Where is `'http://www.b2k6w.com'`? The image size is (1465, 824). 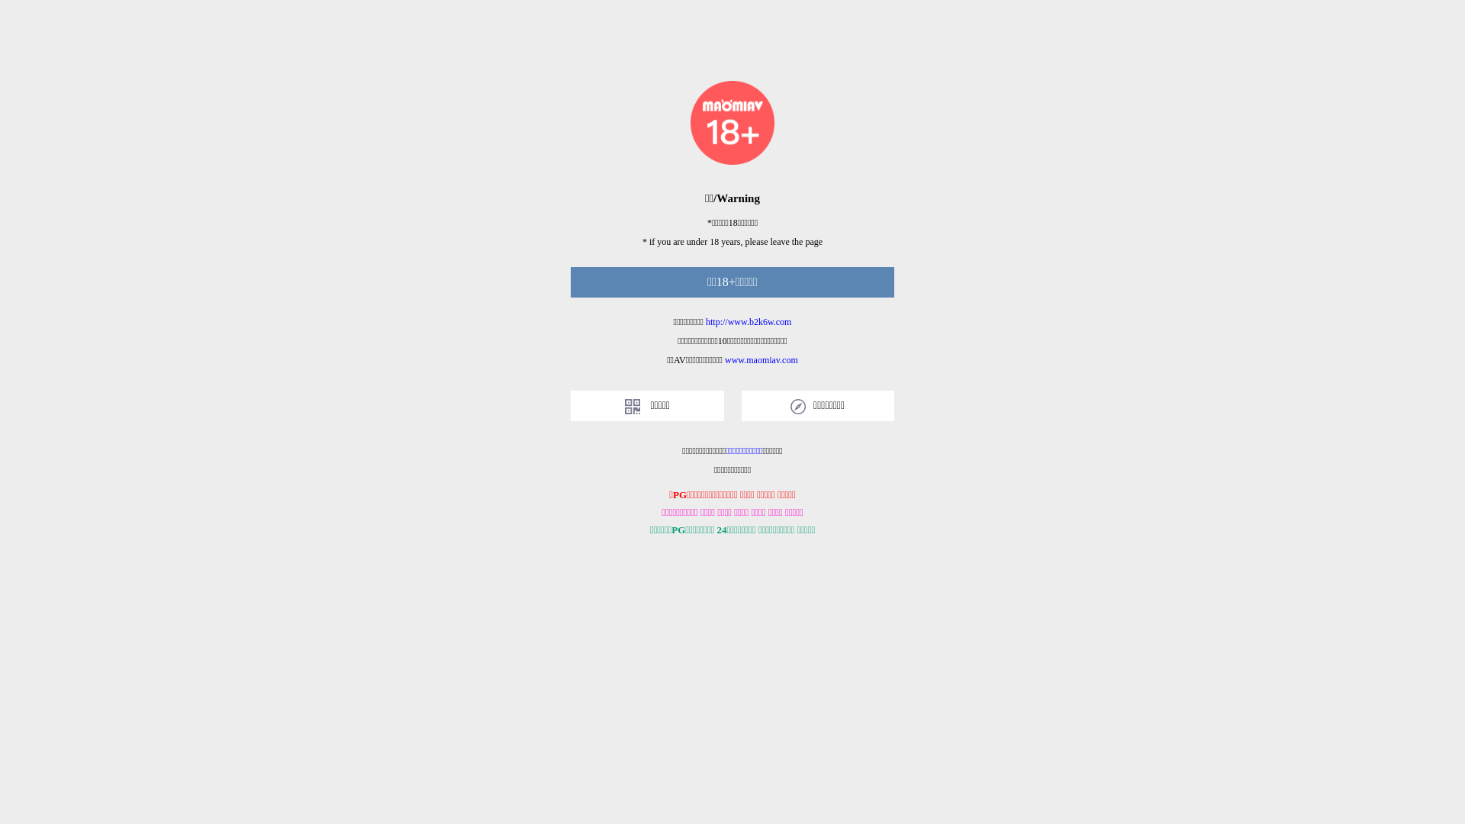 'http://www.b2k6w.com' is located at coordinates (748, 320).